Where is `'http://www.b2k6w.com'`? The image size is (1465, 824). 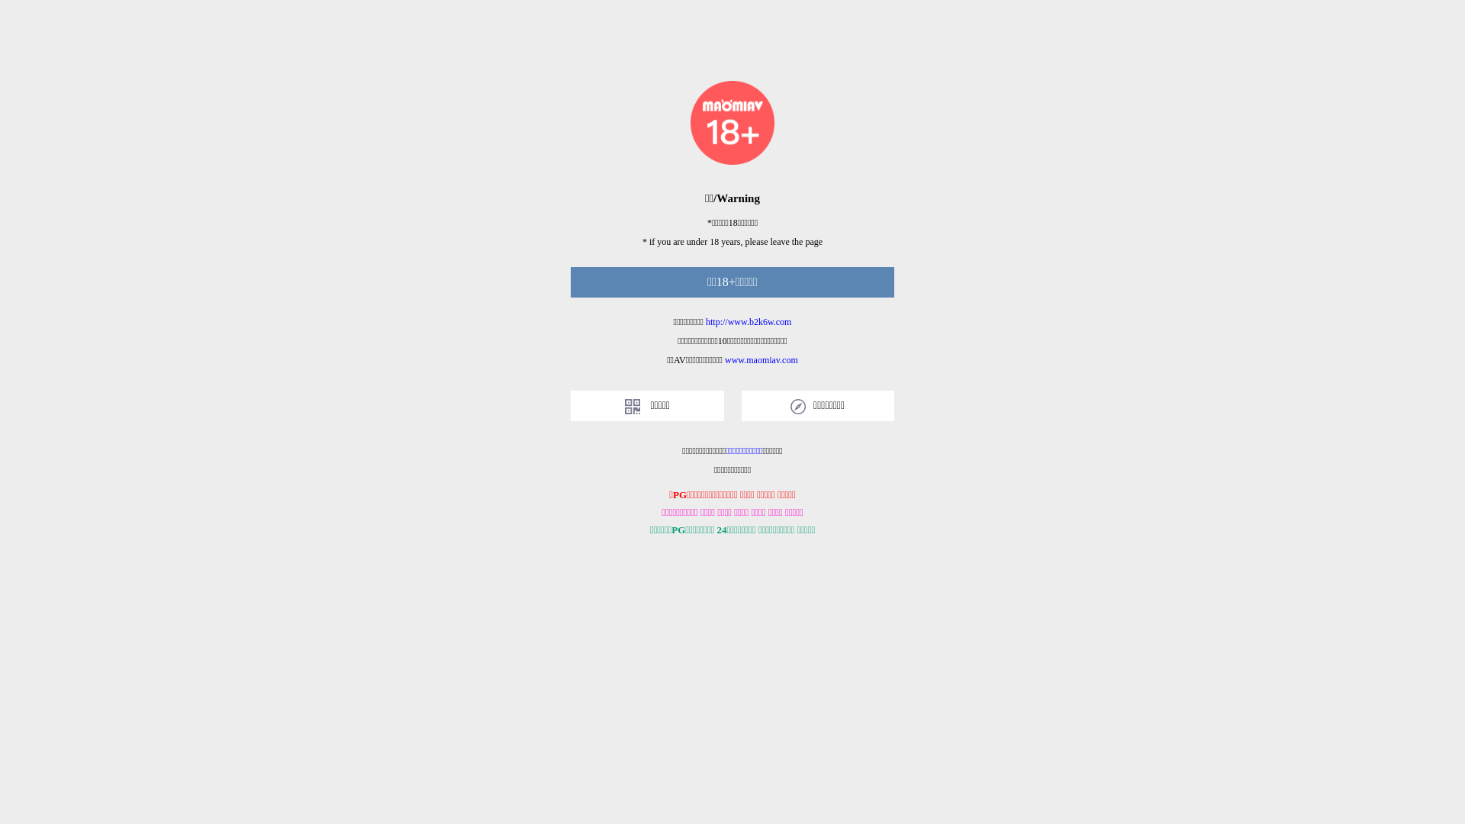 'http://www.b2k6w.com' is located at coordinates (748, 320).